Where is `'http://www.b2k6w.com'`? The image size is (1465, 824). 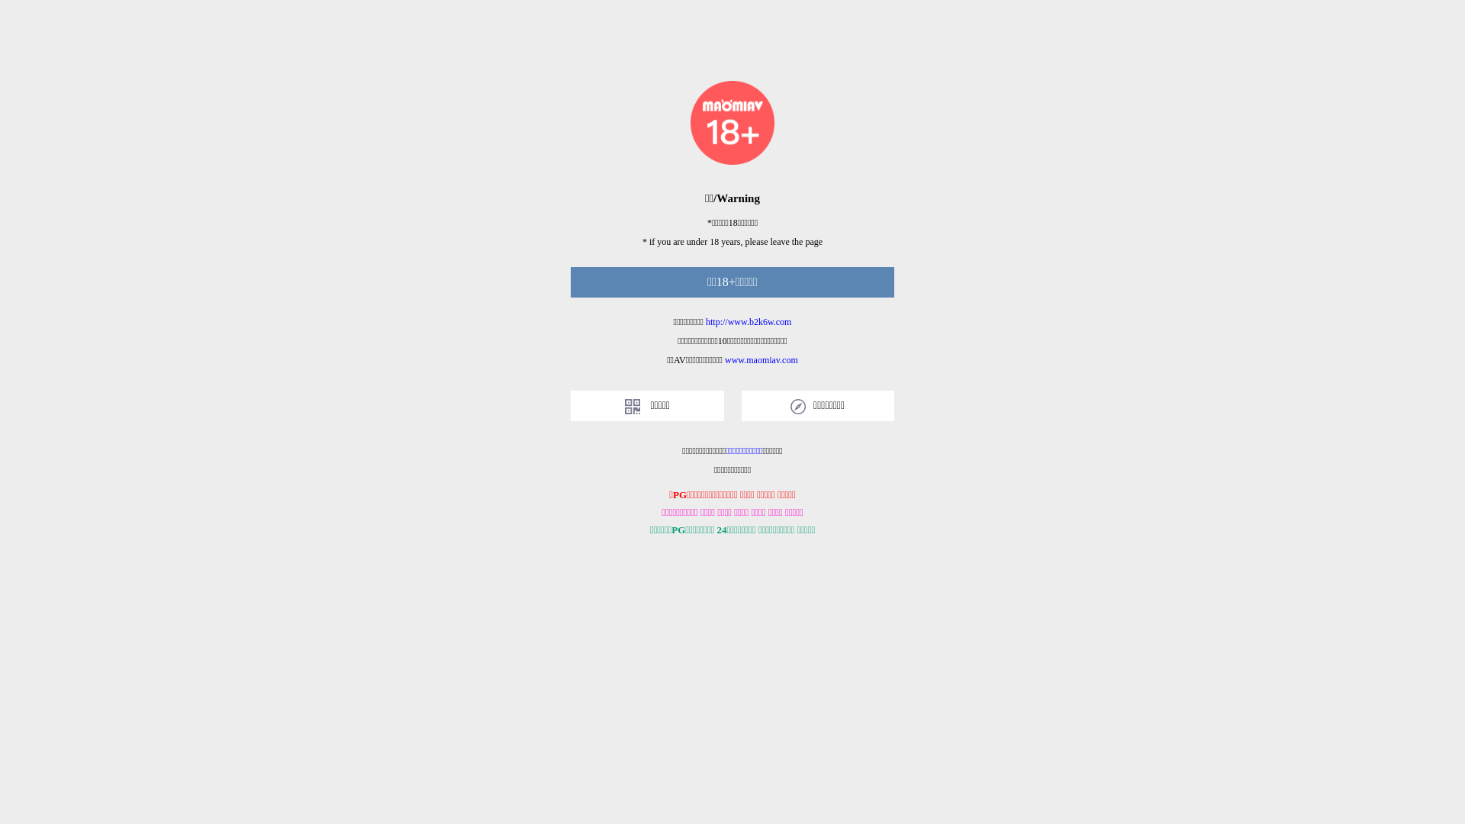 'http://www.b2k6w.com' is located at coordinates (748, 320).